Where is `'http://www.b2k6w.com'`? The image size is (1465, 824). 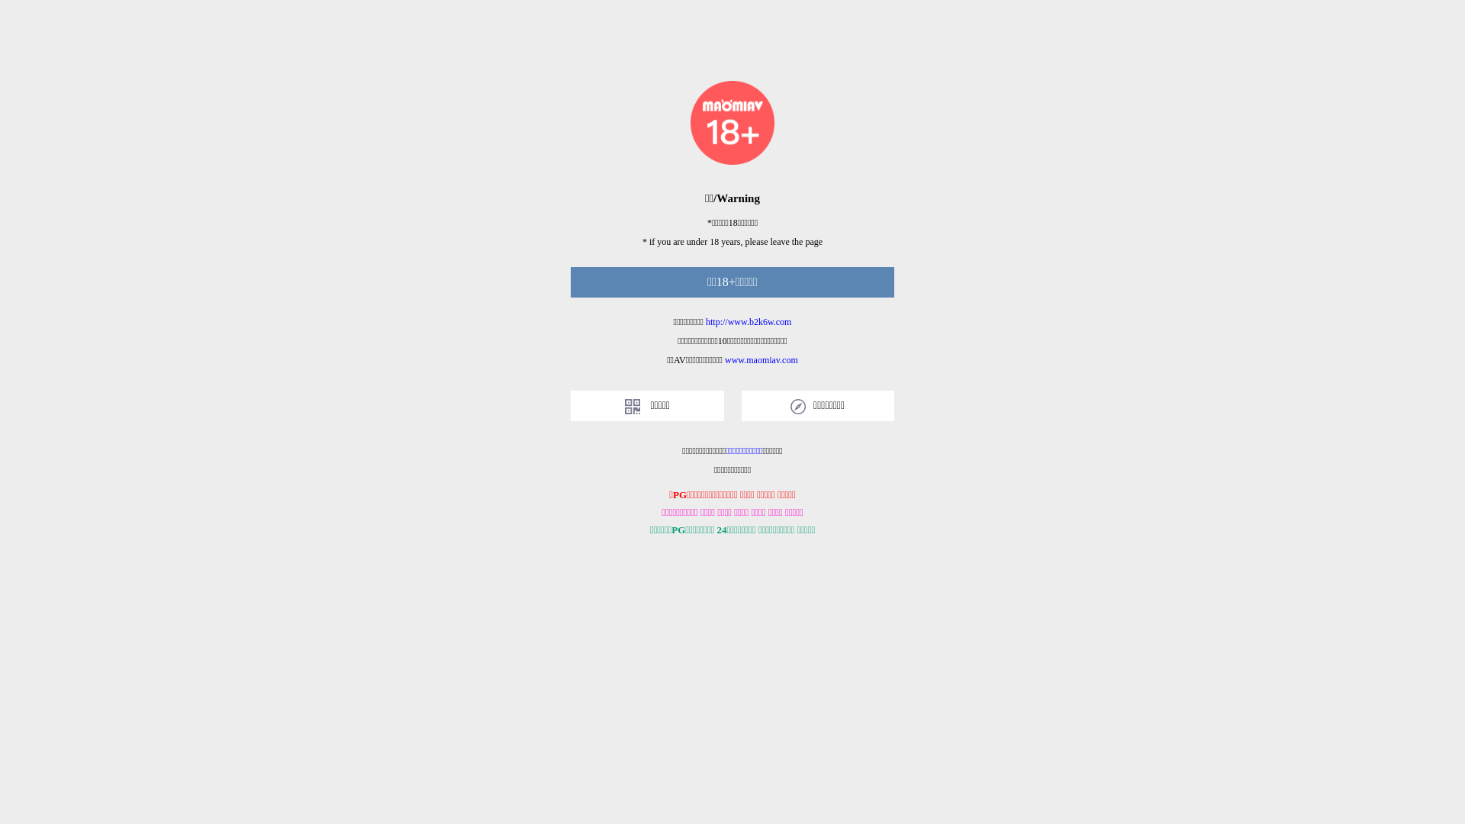 'http://www.b2k6w.com' is located at coordinates (748, 320).